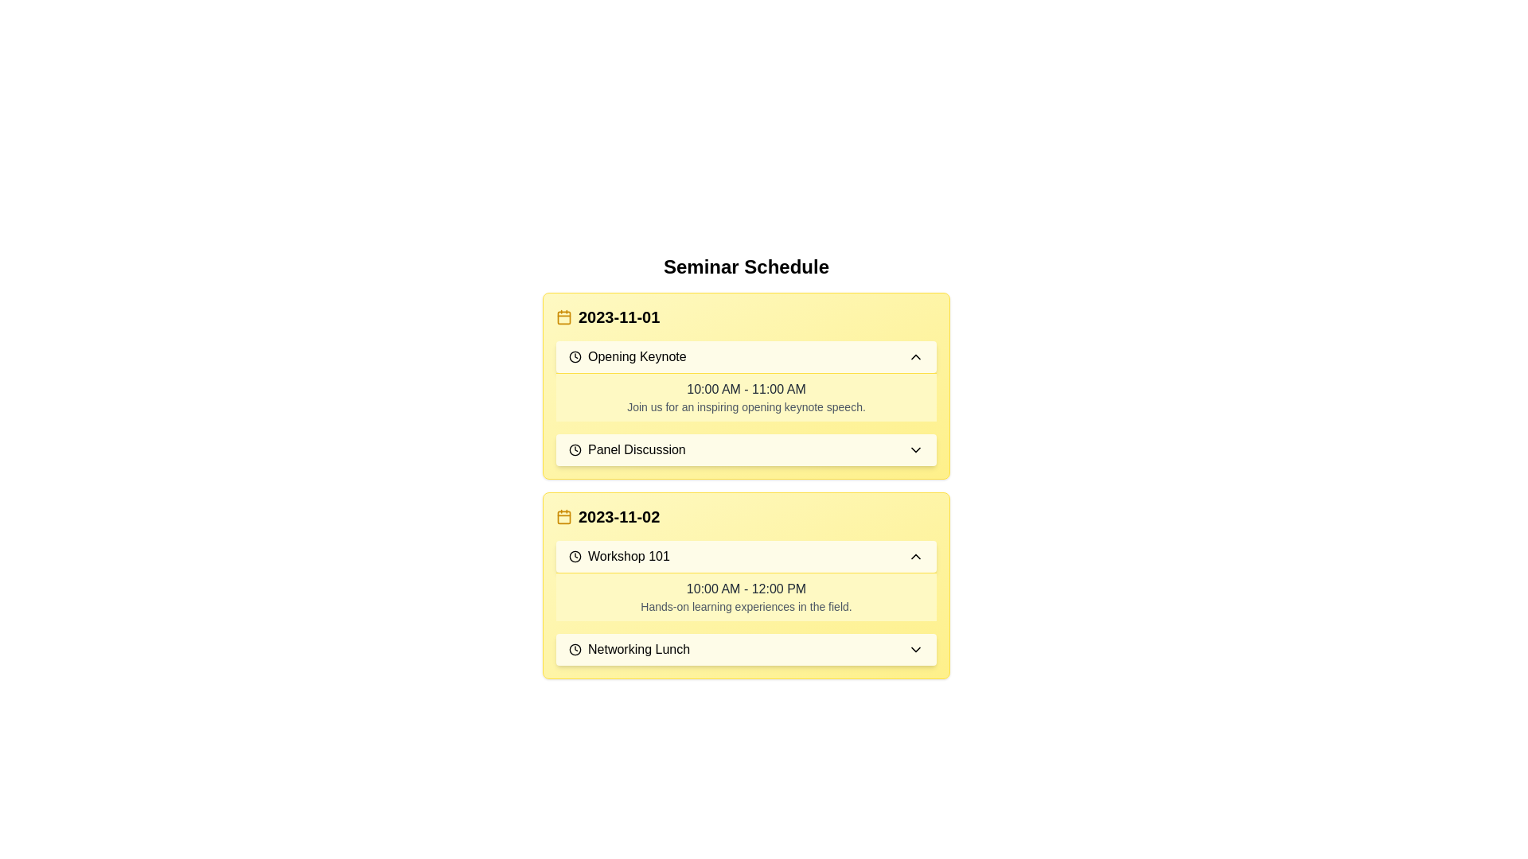 The image size is (1528, 859). What do you see at coordinates (564, 317) in the screenshot?
I see `the calendar icon with a yellow outline located on the upper left-hand side of the date heading '2023-11-01'` at bounding box center [564, 317].